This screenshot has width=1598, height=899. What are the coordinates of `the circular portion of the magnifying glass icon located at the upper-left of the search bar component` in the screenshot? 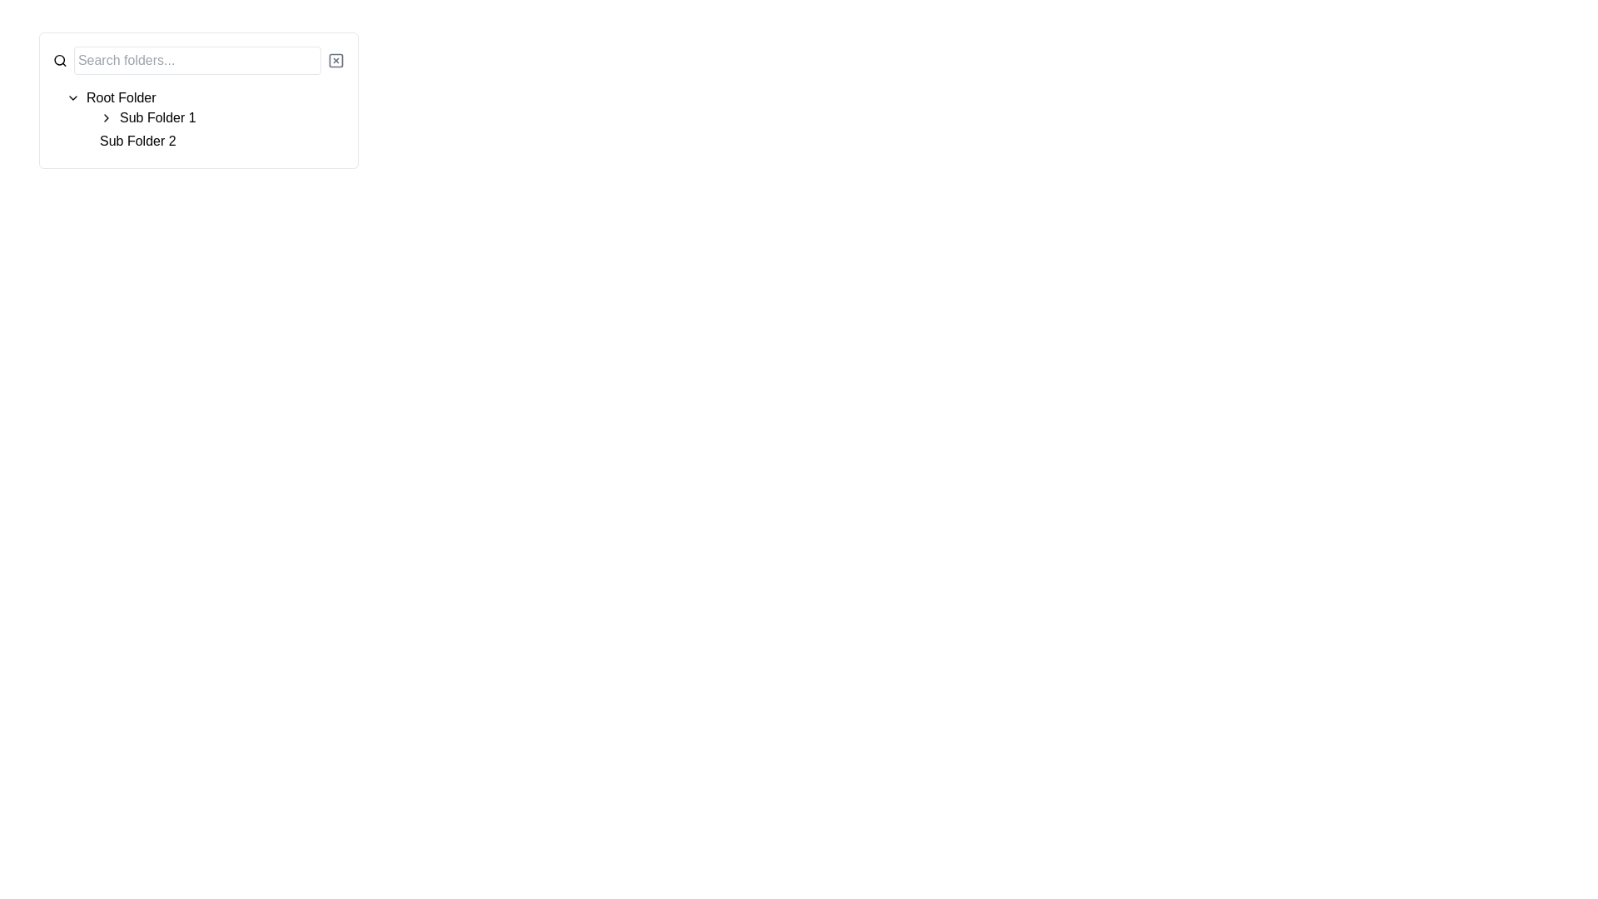 It's located at (59, 59).